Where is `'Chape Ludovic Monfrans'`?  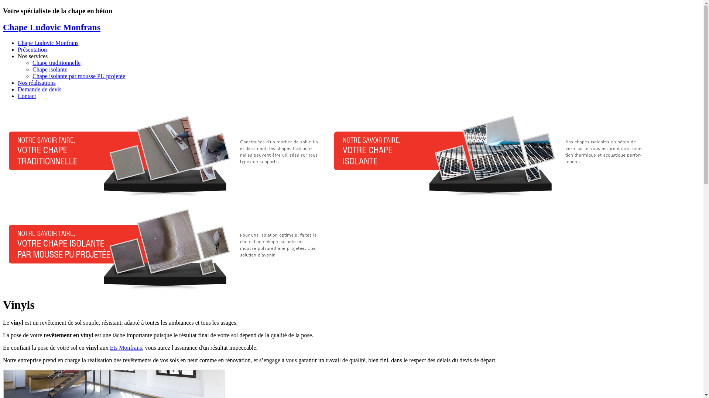 'Chape Ludovic Monfrans' is located at coordinates (51, 27).